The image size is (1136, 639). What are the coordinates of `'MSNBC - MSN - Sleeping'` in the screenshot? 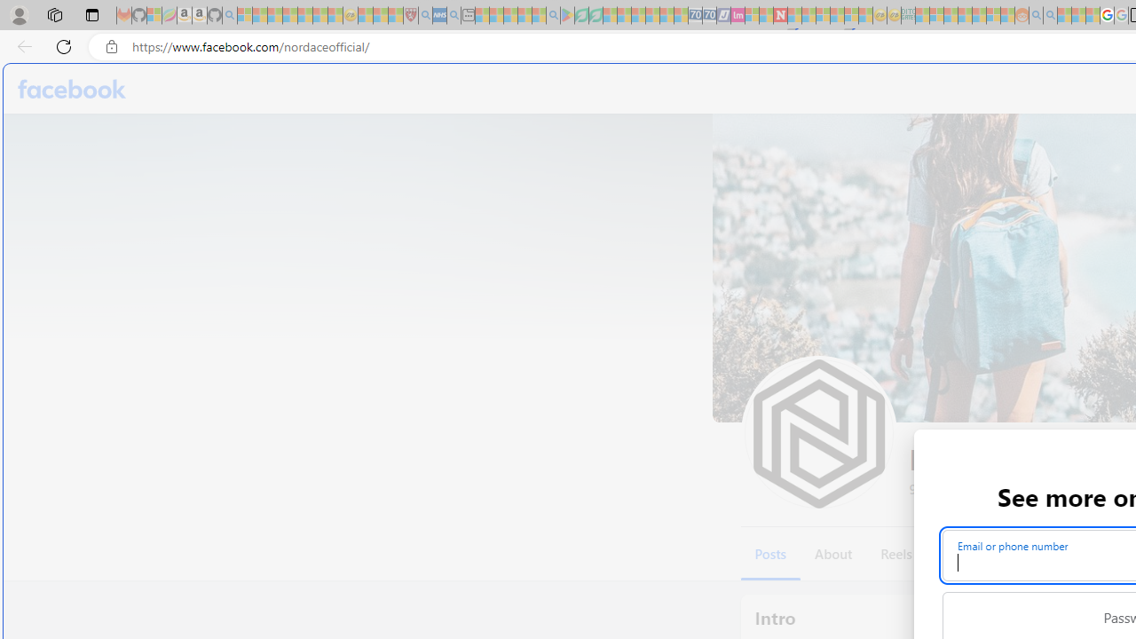 It's located at (922, 15).